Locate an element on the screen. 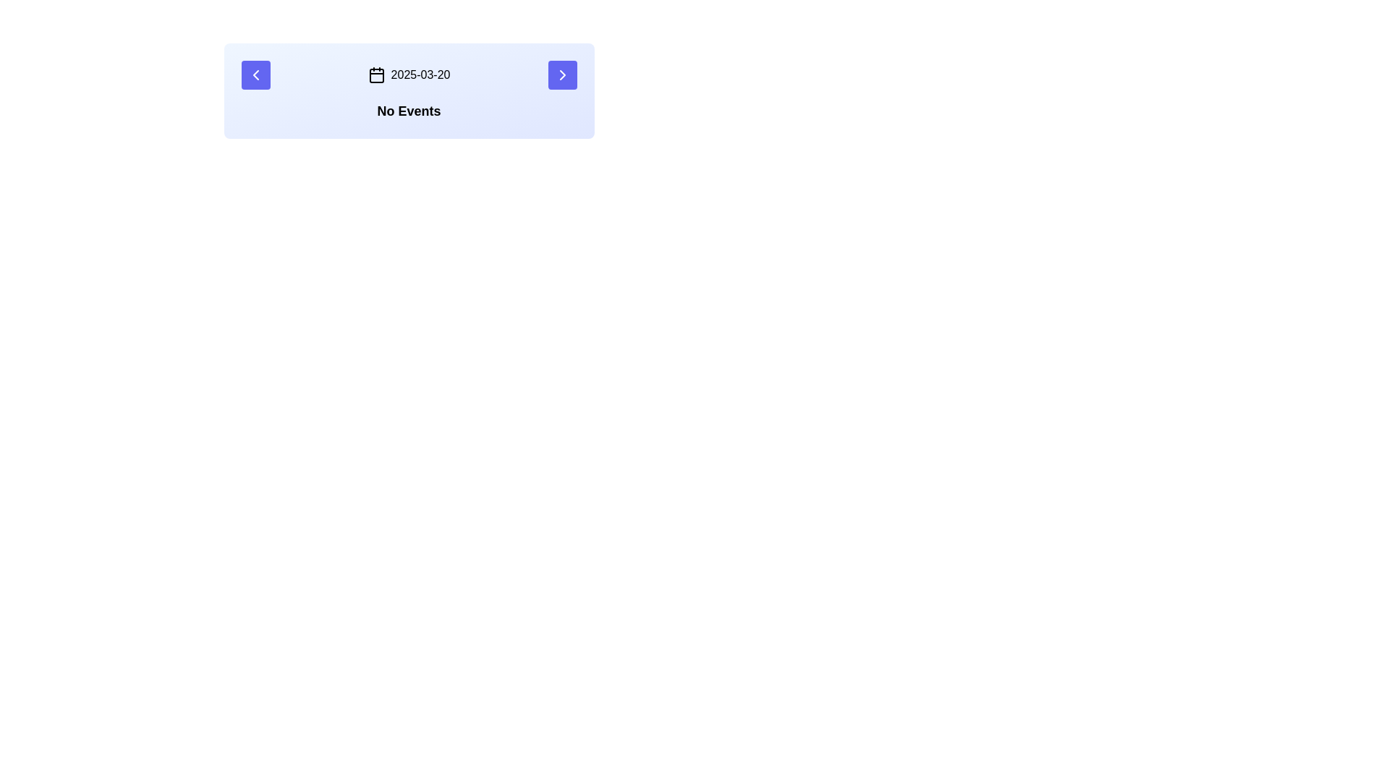 The width and height of the screenshot is (1389, 781). the Text display that informs the user of the currently highlighted or selected date, located to the right of the calendar icon is located at coordinates (420, 75).